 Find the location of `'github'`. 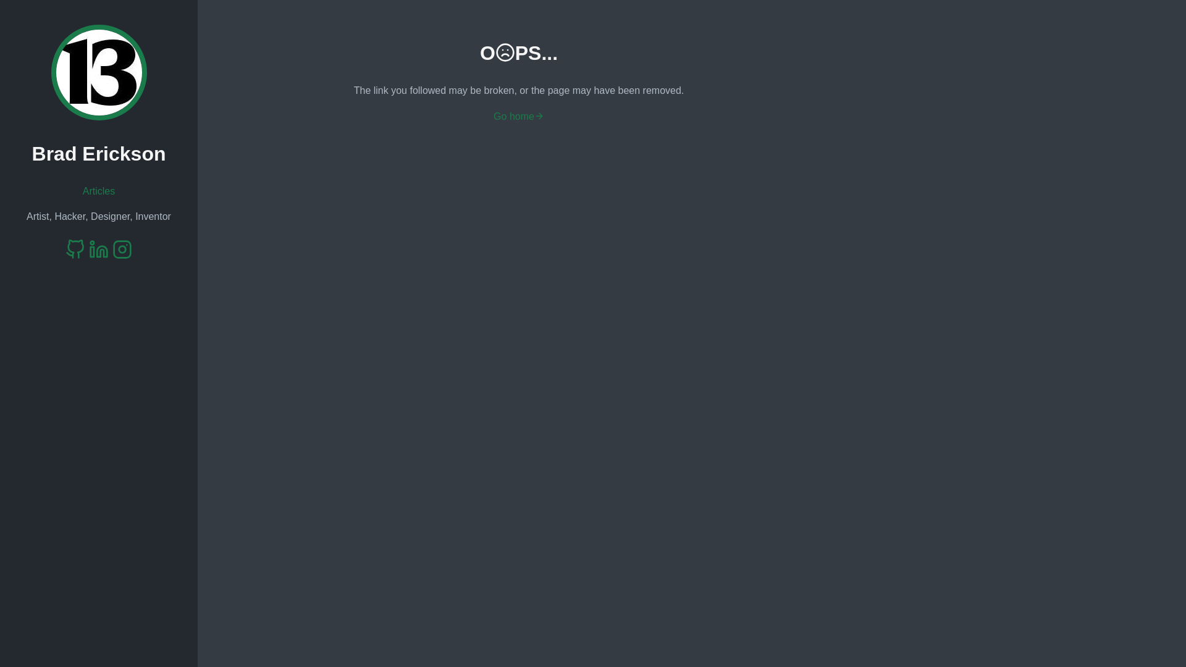

'github' is located at coordinates (74, 250).